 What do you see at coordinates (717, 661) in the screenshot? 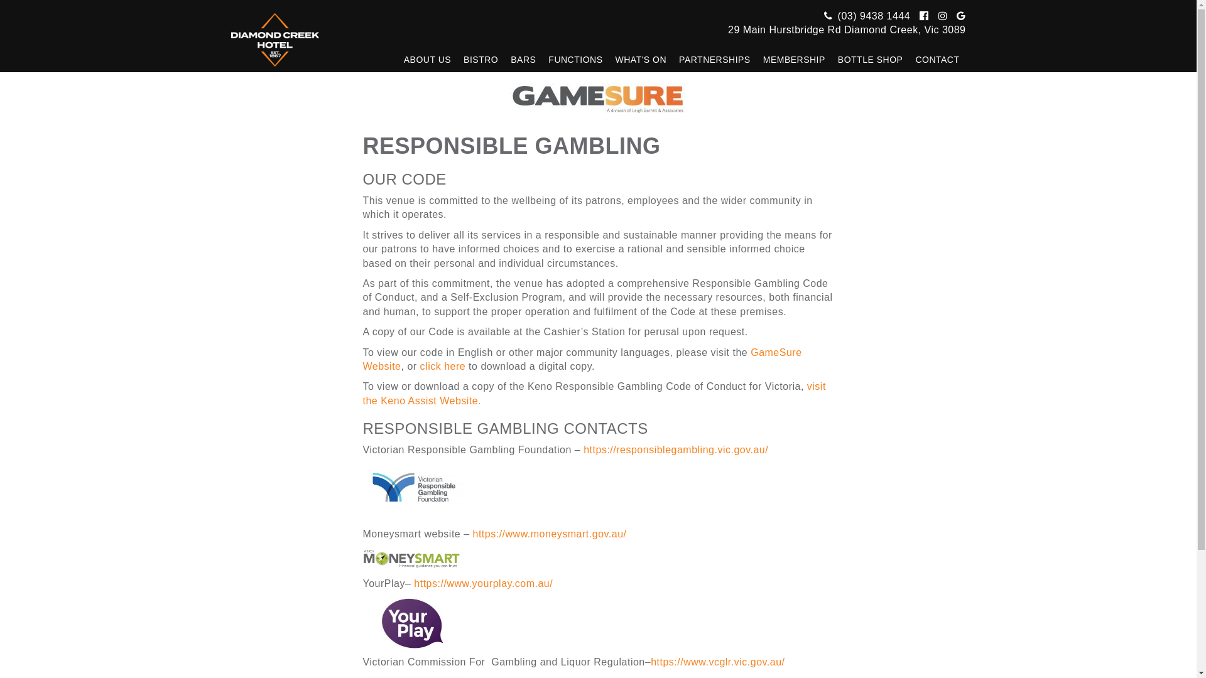
I see `'https://www.vcglr.vic.gov.au/'` at bounding box center [717, 661].